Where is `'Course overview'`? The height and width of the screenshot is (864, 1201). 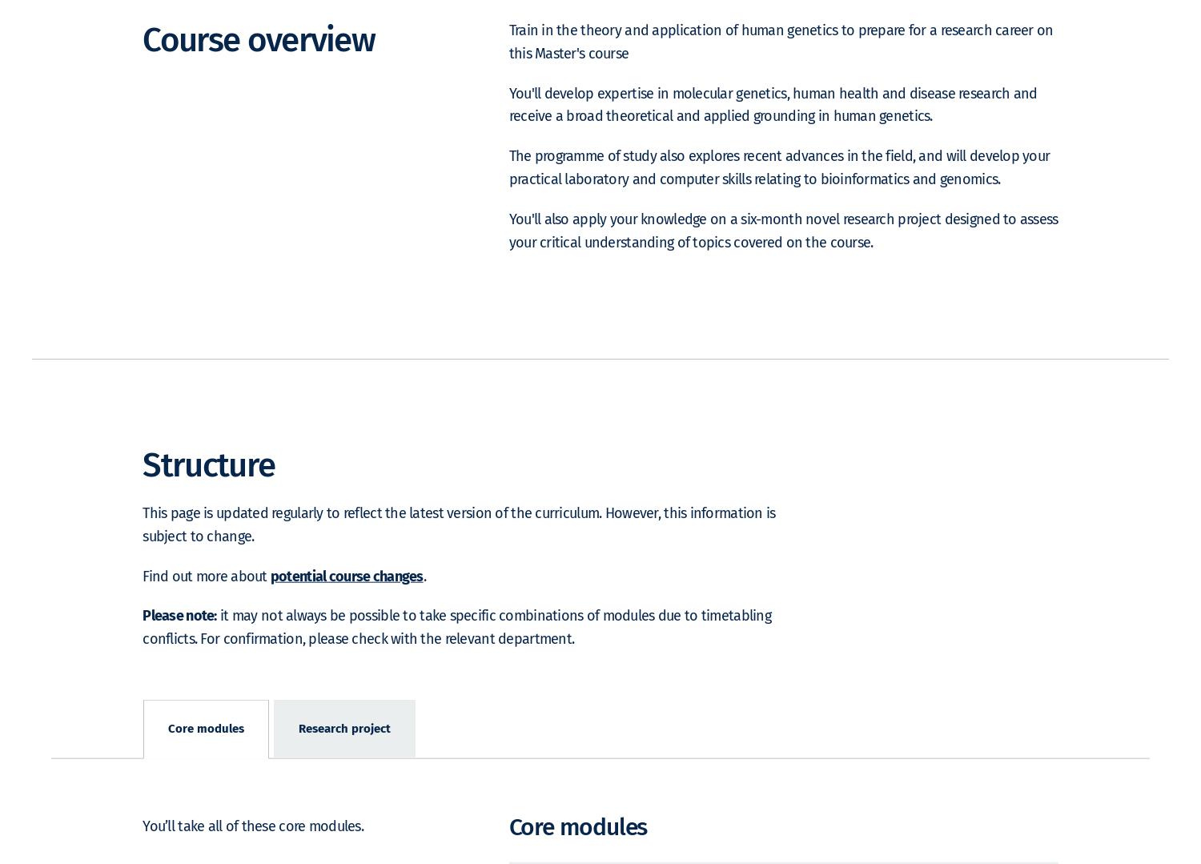
'Course overview' is located at coordinates (257, 62).